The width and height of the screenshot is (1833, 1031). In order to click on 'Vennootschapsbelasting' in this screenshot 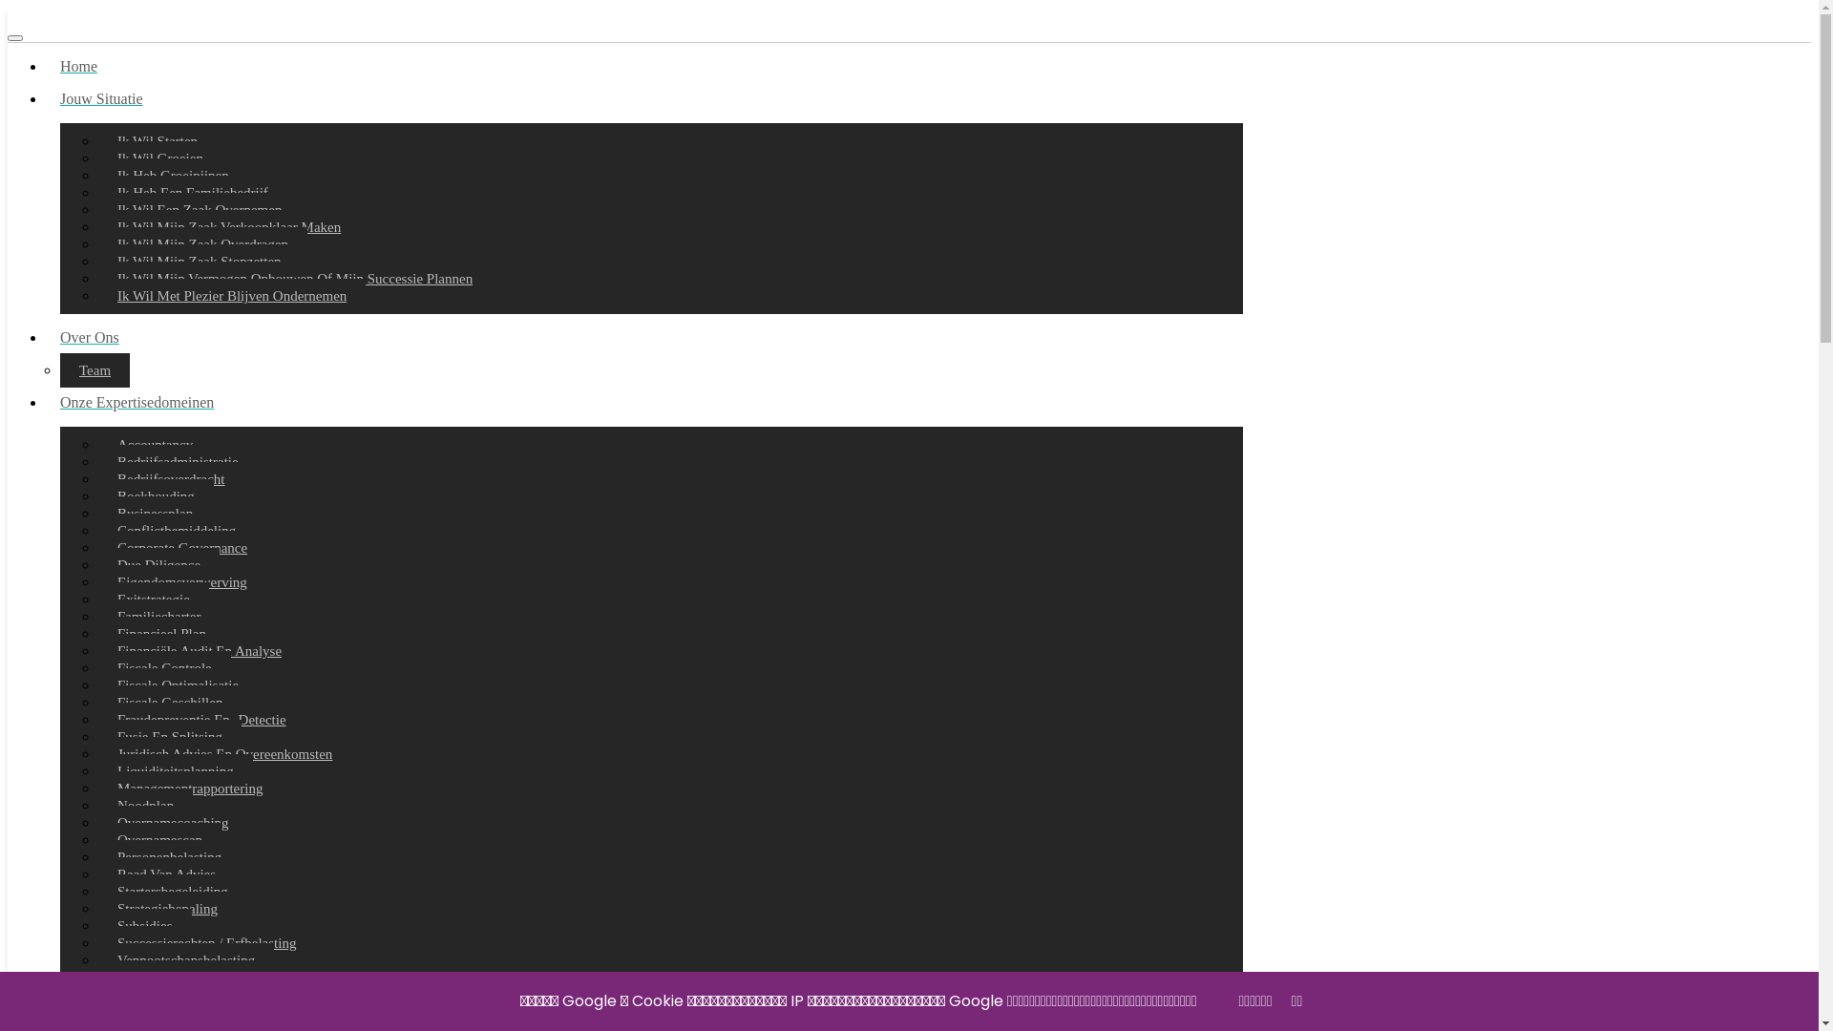, I will do `click(186, 960)`.